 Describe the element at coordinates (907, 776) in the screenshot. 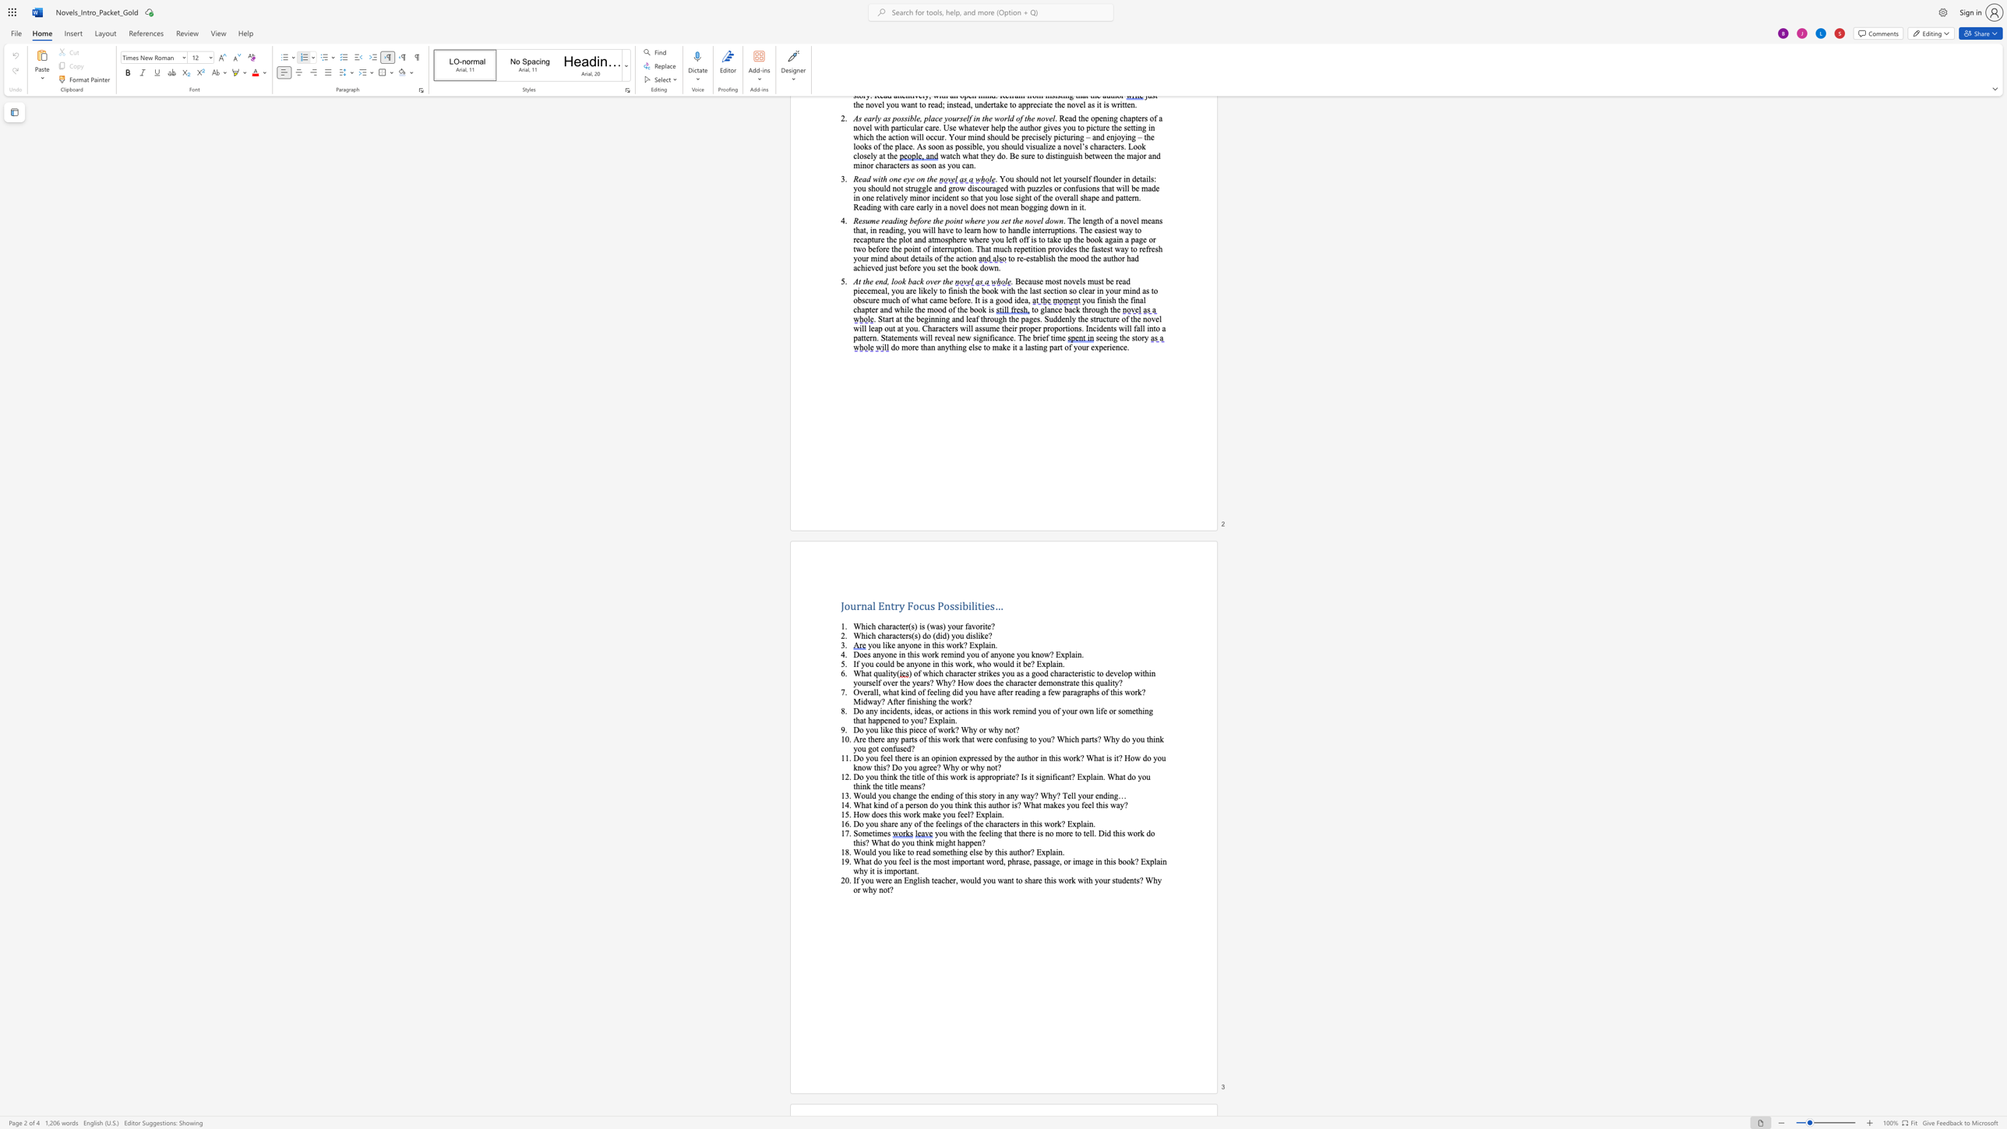

I see `the 1th character "e" in the text` at that location.